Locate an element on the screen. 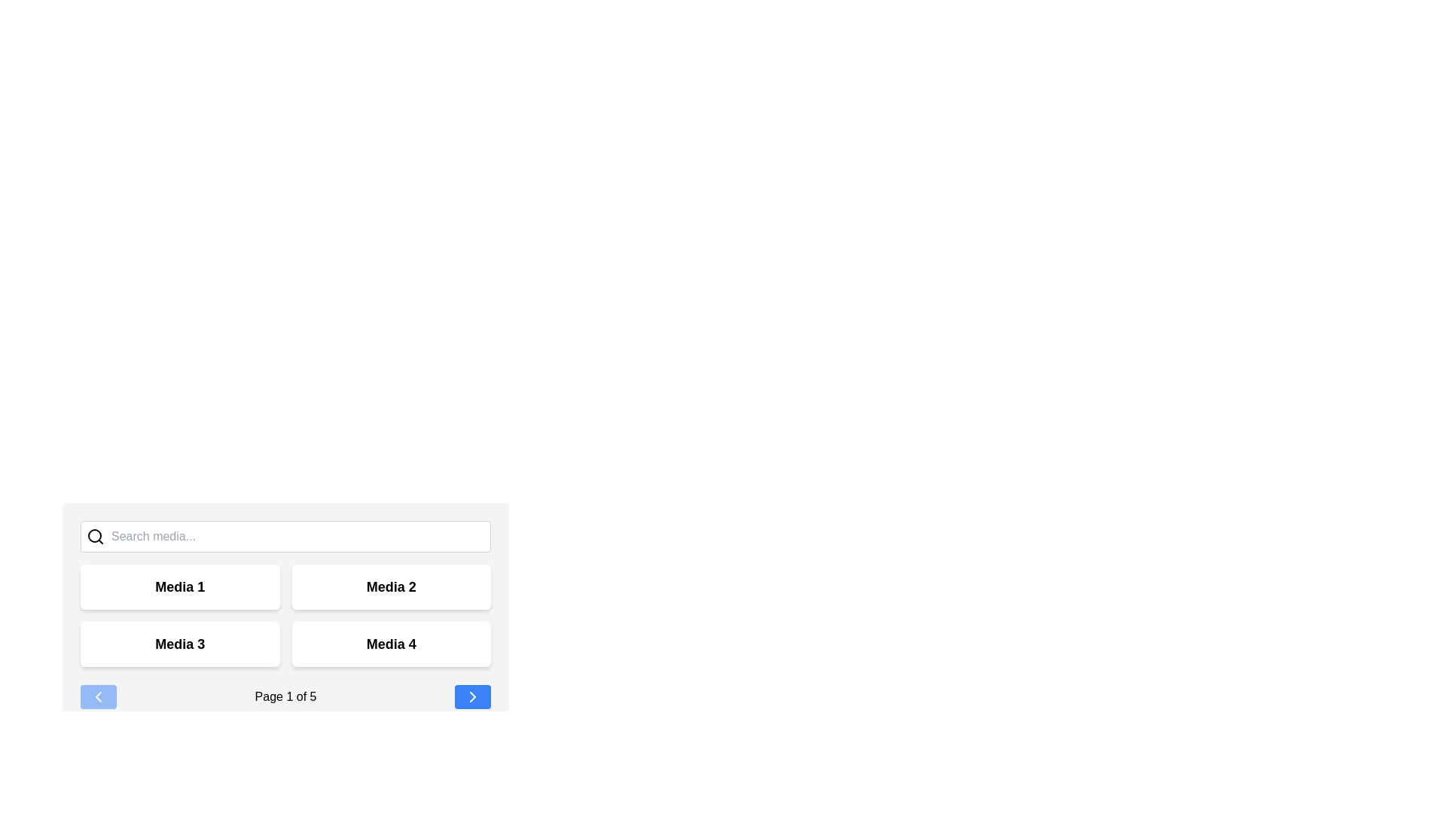  the 'Media 2' card located in the upper-right quadrant of the interface is located at coordinates (391, 586).